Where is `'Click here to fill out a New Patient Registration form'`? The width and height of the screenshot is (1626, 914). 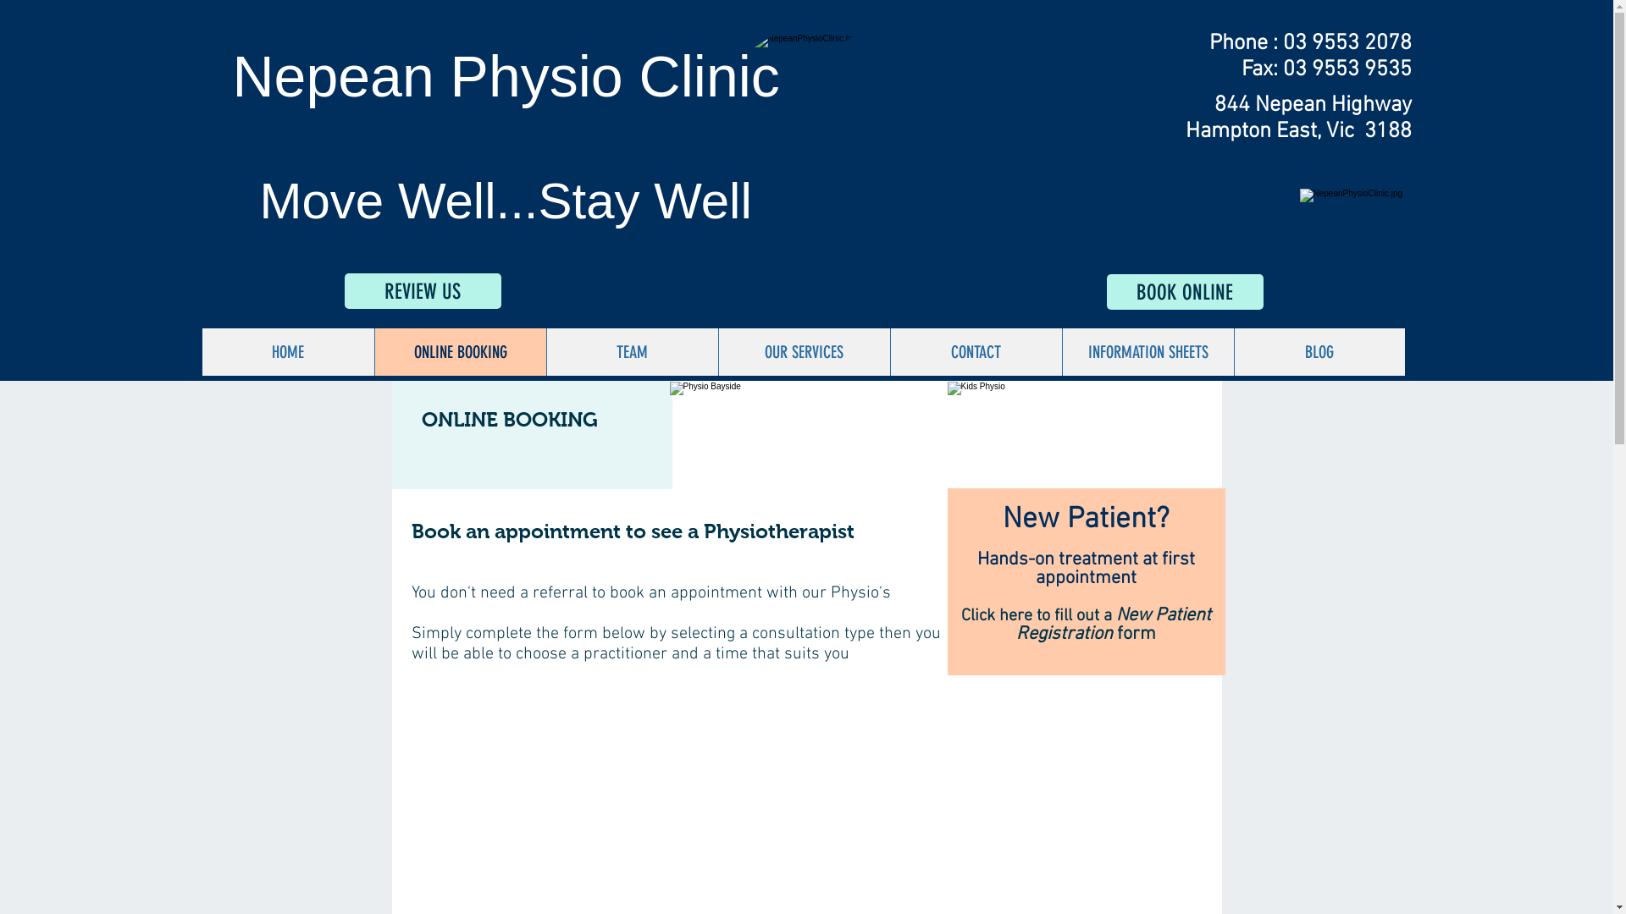
'Click here to fill out a New Patient Registration form' is located at coordinates (1086, 625).